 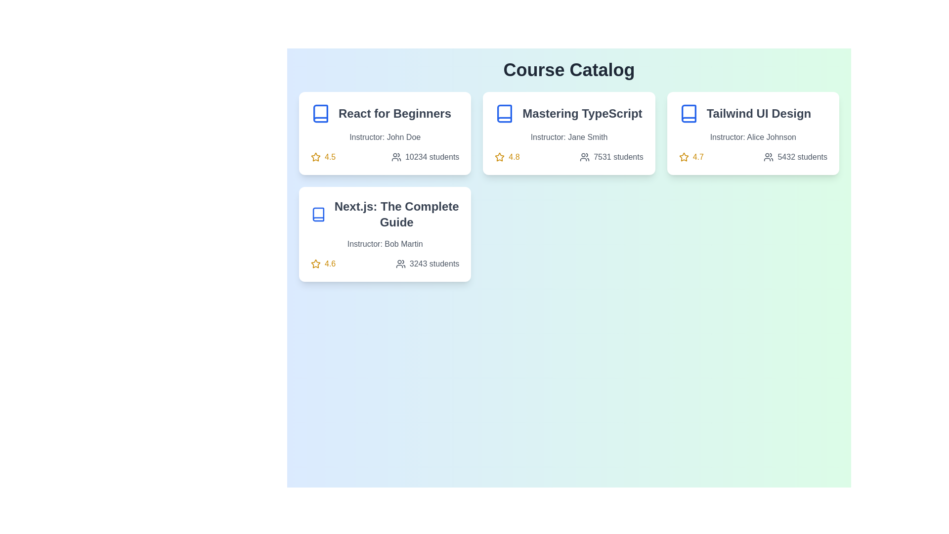 I want to click on the informational text displaying the number of students enrolled in the course located in the lower section of the 'React for Beginners' card, below the rating of '4.5', so click(x=425, y=156).